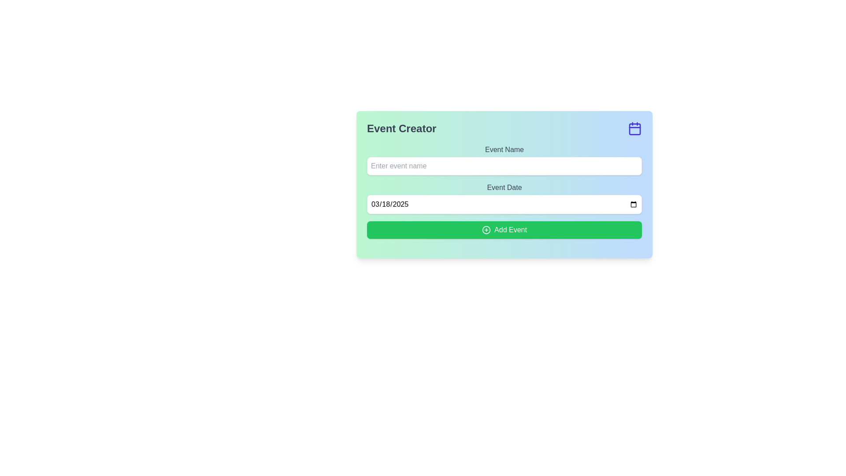 This screenshot has height=476, width=846. Describe the element at coordinates (486, 229) in the screenshot. I see `the circular plus-symbol icon located inside the green 'Add Event' button at the bottom of the form-like interface` at that location.